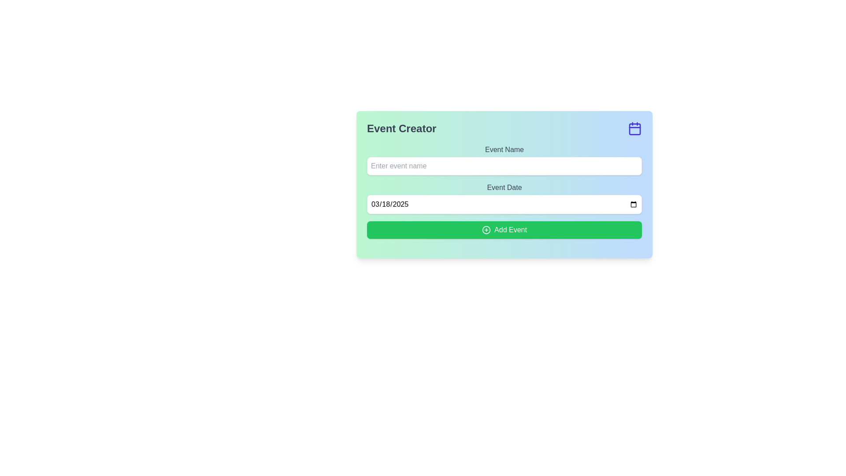 This screenshot has height=476, width=846. Describe the element at coordinates (486, 229) in the screenshot. I see `the circular plus-symbol icon located inside the green 'Add Event' button at the bottom of the form-like interface` at that location.